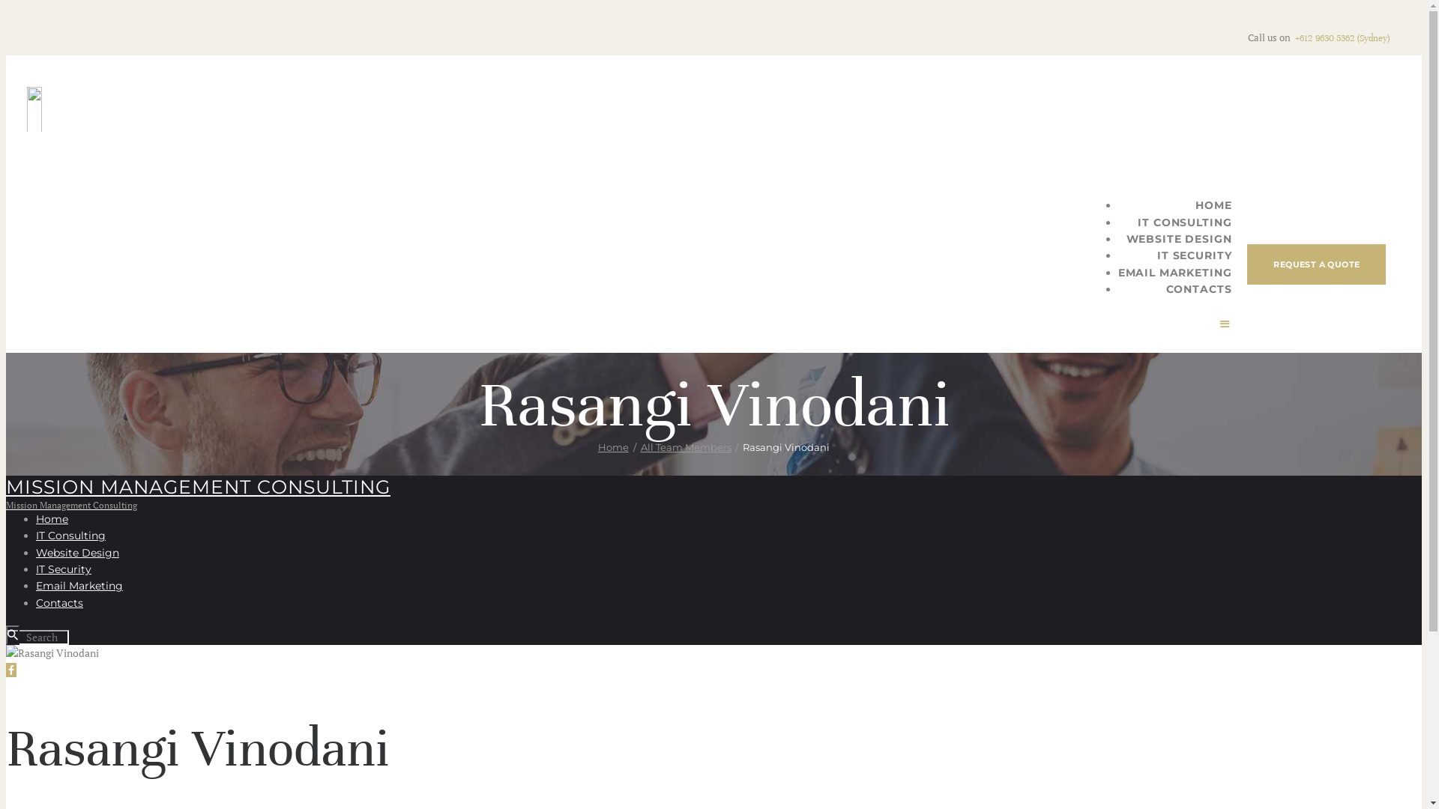 Image resolution: width=1439 pixels, height=809 pixels. What do you see at coordinates (52, 518) in the screenshot?
I see `'Home'` at bounding box center [52, 518].